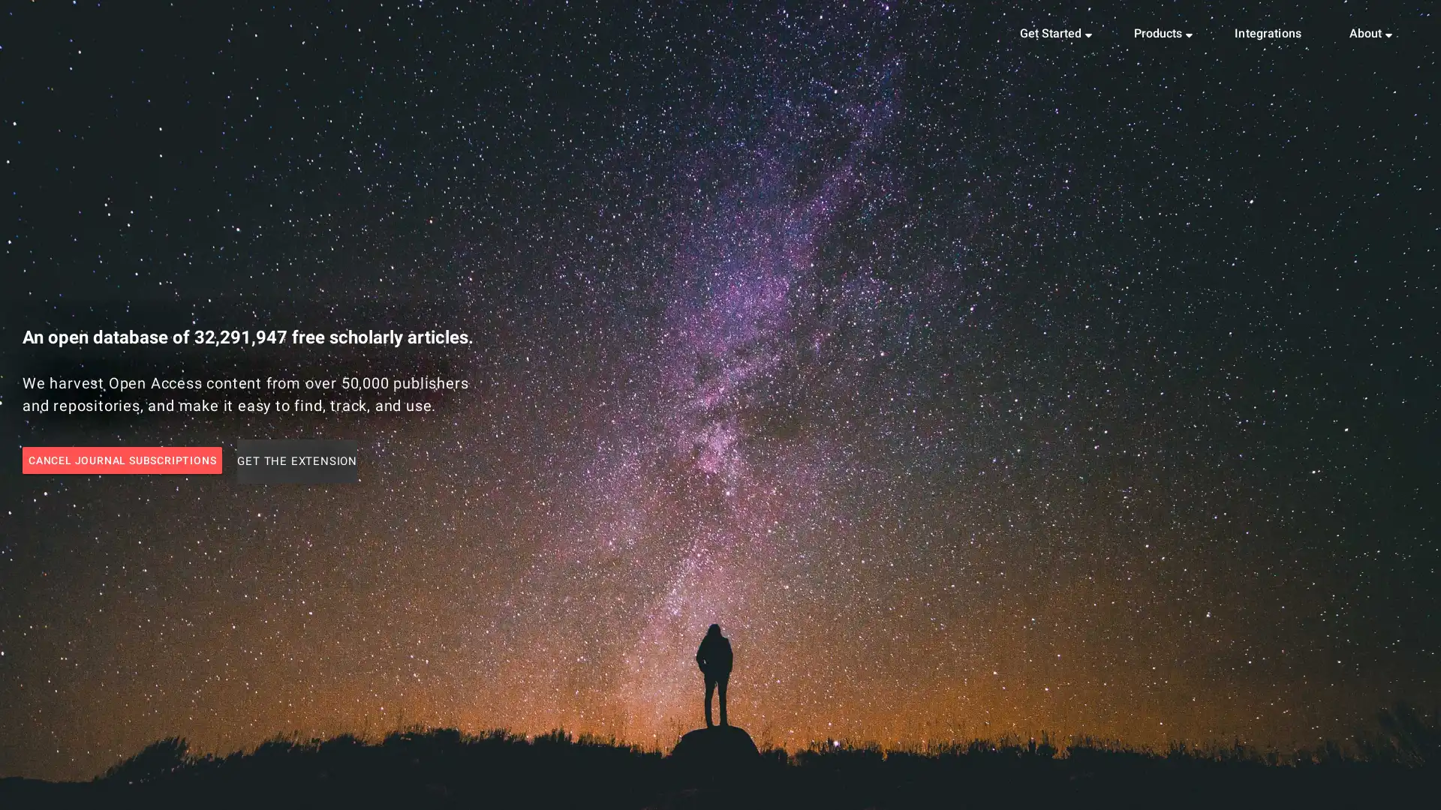  What do you see at coordinates (1163, 32) in the screenshot?
I see `Products` at bounding box center [1163, 32].